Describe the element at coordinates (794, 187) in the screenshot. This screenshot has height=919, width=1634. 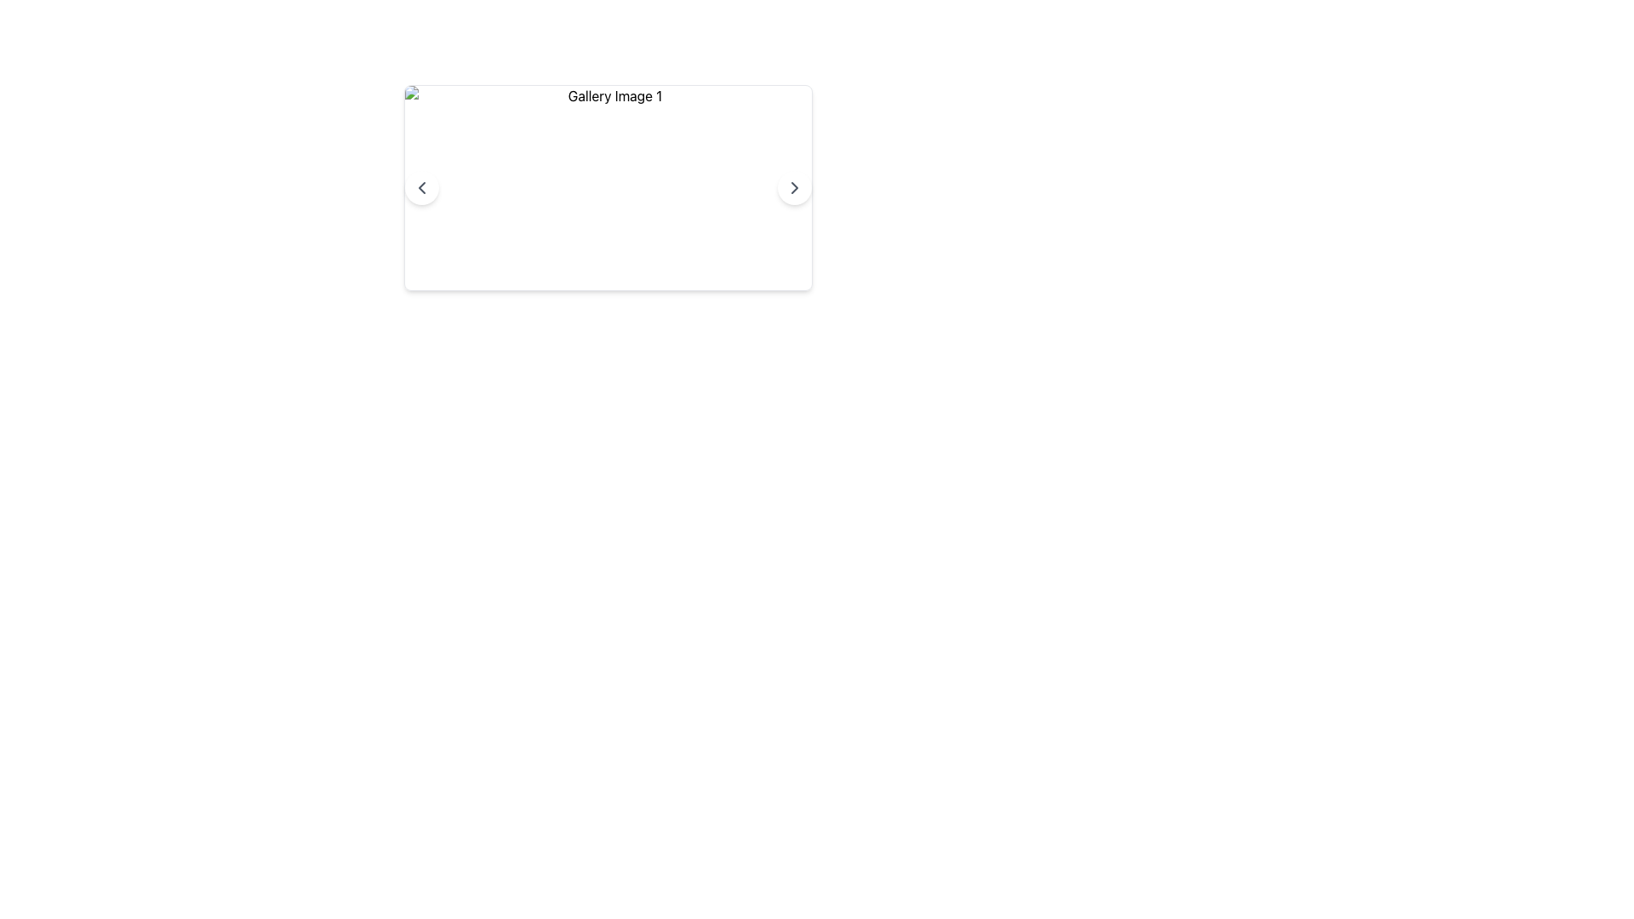
I see `the circular right arrow button with a white background and dark gray arrow icon` at that location.